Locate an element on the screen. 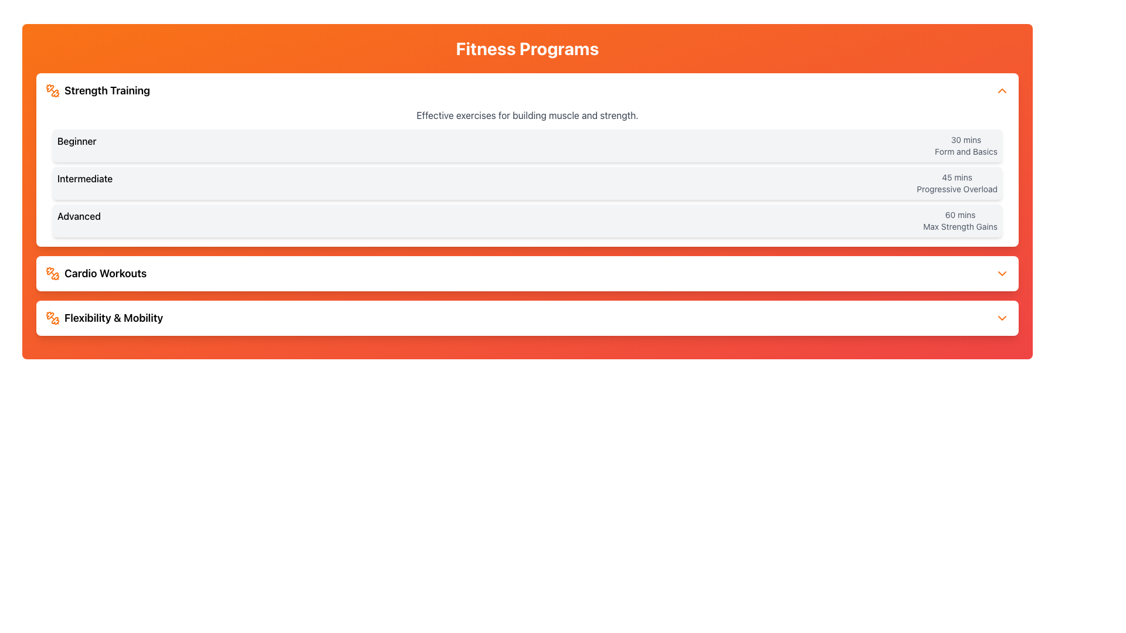 The image size is (1126, 633). the static text label displaying '30 mins' in gray color, located in the 'Strength Training' section, above 'Form and Basics' is located at coordinates (966, 139).